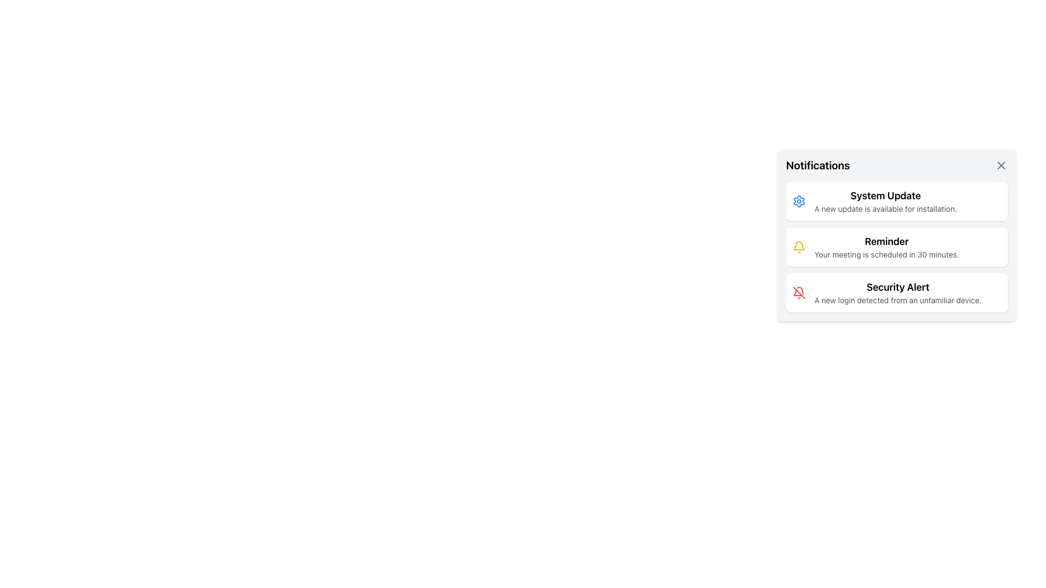 This screenshot has height=588, width=1046. I want to click on the yellow bell icon located to the left of the text 'Reminder Your meeting is scheduled in 30 minutes' within the second notification card of the notification list, so click(799, 247).